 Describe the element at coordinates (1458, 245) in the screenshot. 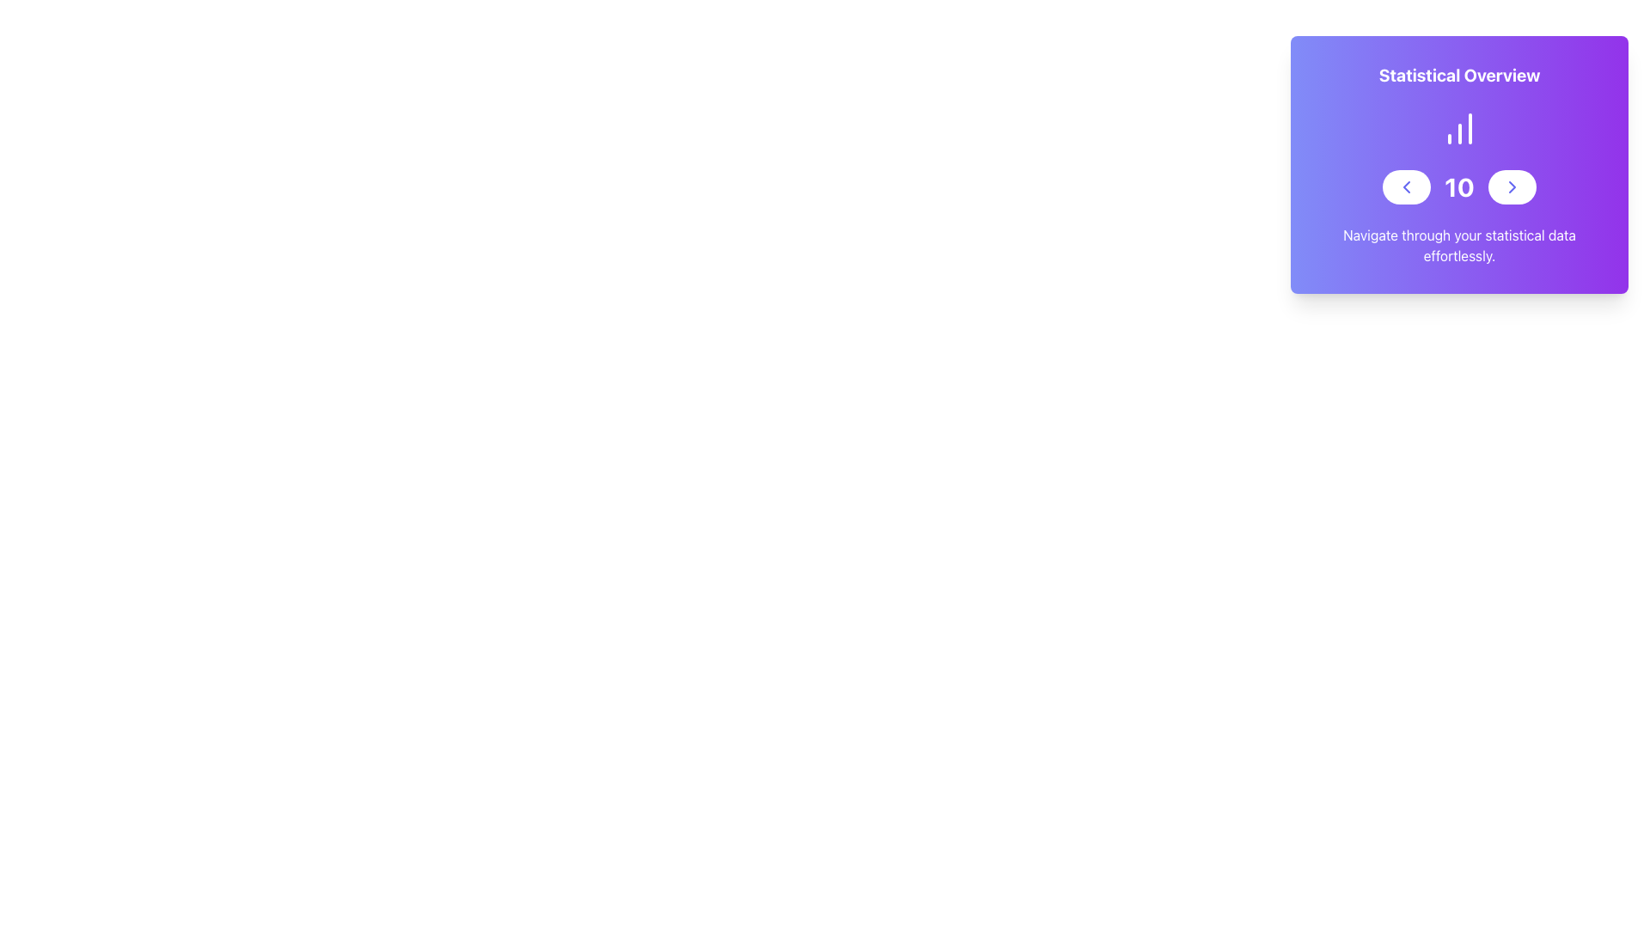

I see `the text label displaying 'Navigate through your statistical data effortlessly.' which is located at the bottom section of a rounded rectangular card layout` at that location.